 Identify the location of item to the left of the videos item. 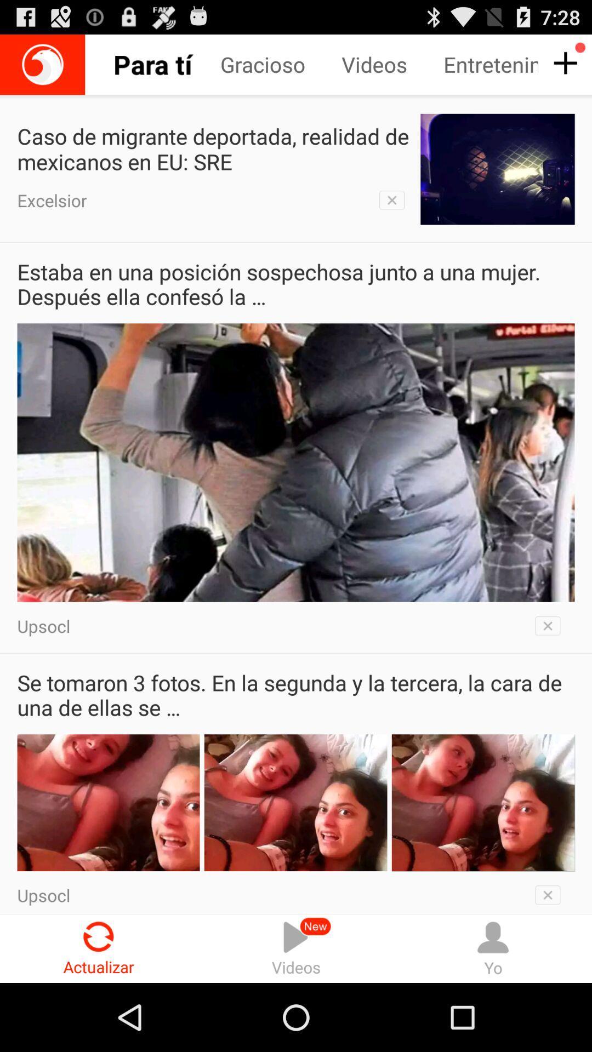
(161, 64).